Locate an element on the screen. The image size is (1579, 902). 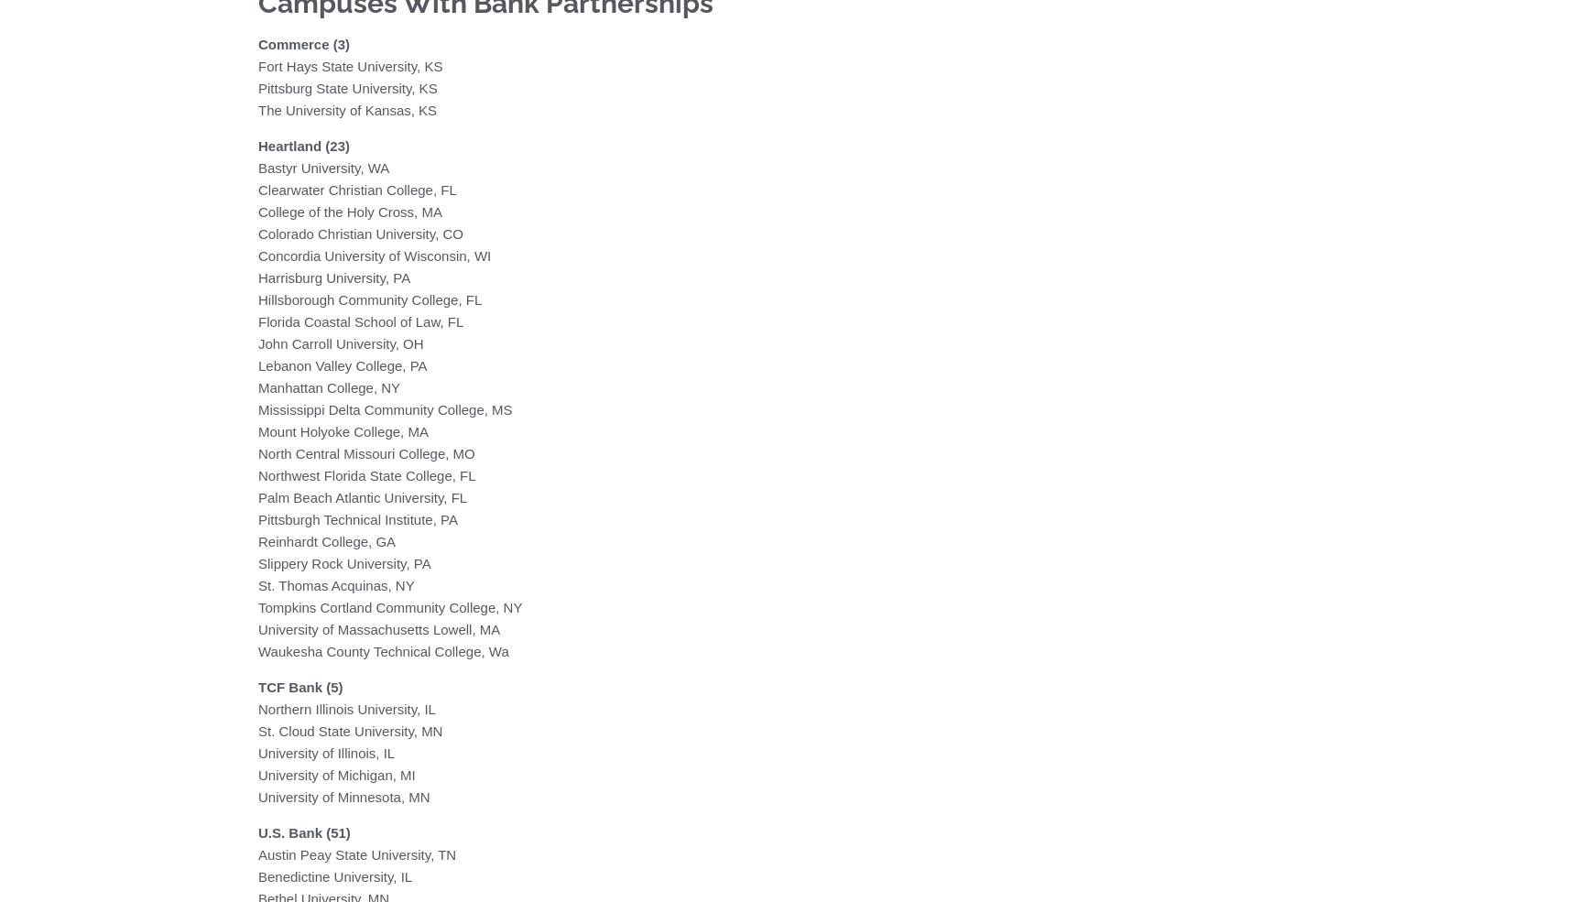
'Mount Holyoke College, MA' is located at coordinates (257, 429).